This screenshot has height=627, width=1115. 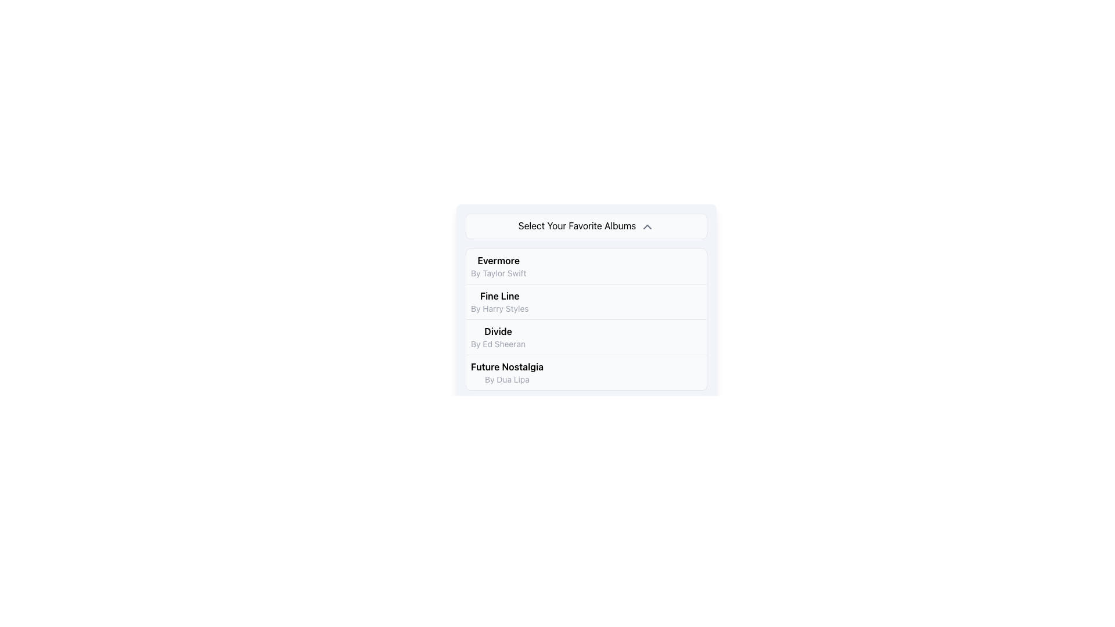 I want to click on the Text Display element that shows the album 'Fine Line' by Harry Styles, which is the second item in the list under 'Select Your Favorite Albums.', so click(x=499, y=301).